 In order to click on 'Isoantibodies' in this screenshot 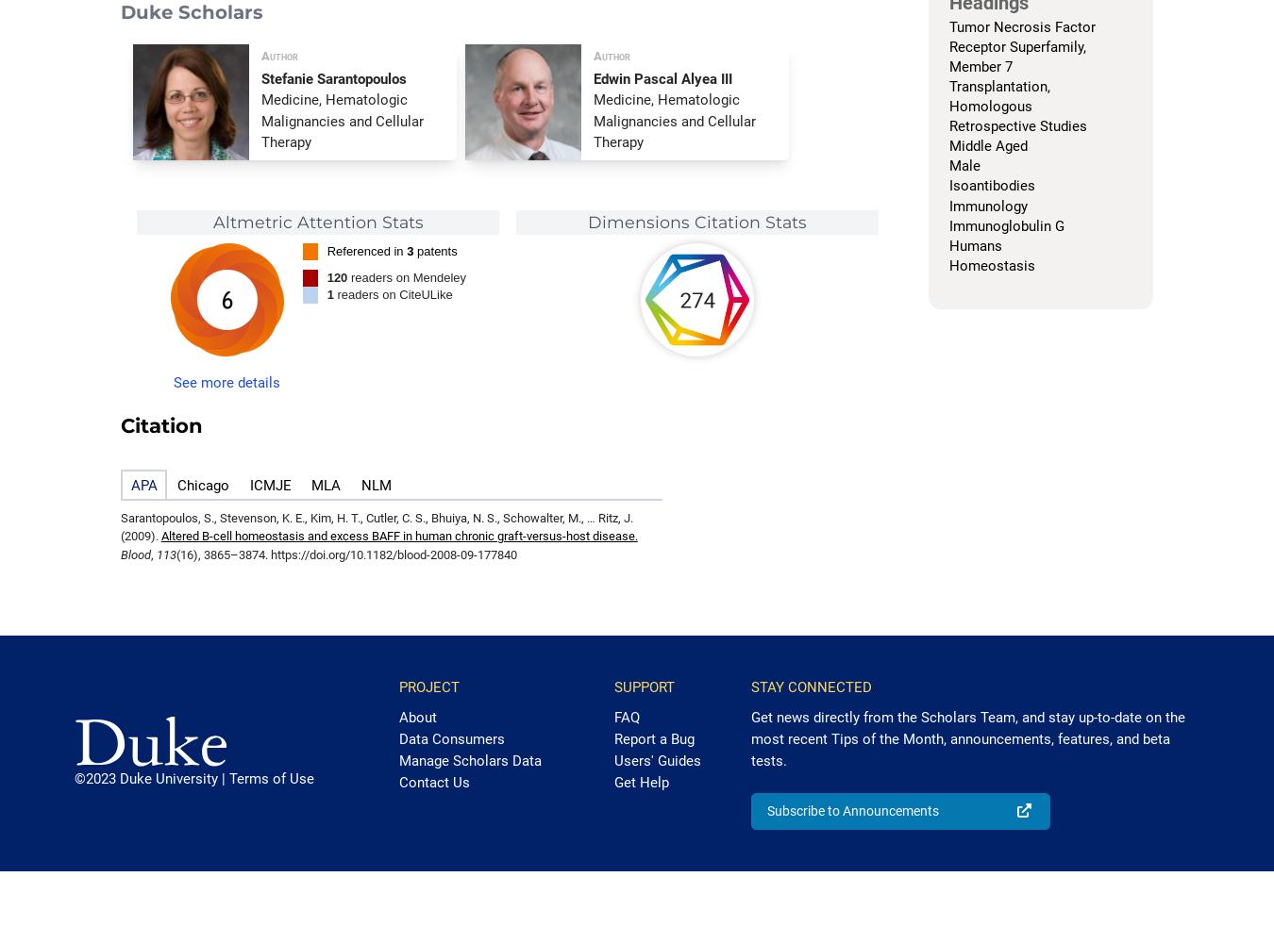, I will do `click(991, 185)`.